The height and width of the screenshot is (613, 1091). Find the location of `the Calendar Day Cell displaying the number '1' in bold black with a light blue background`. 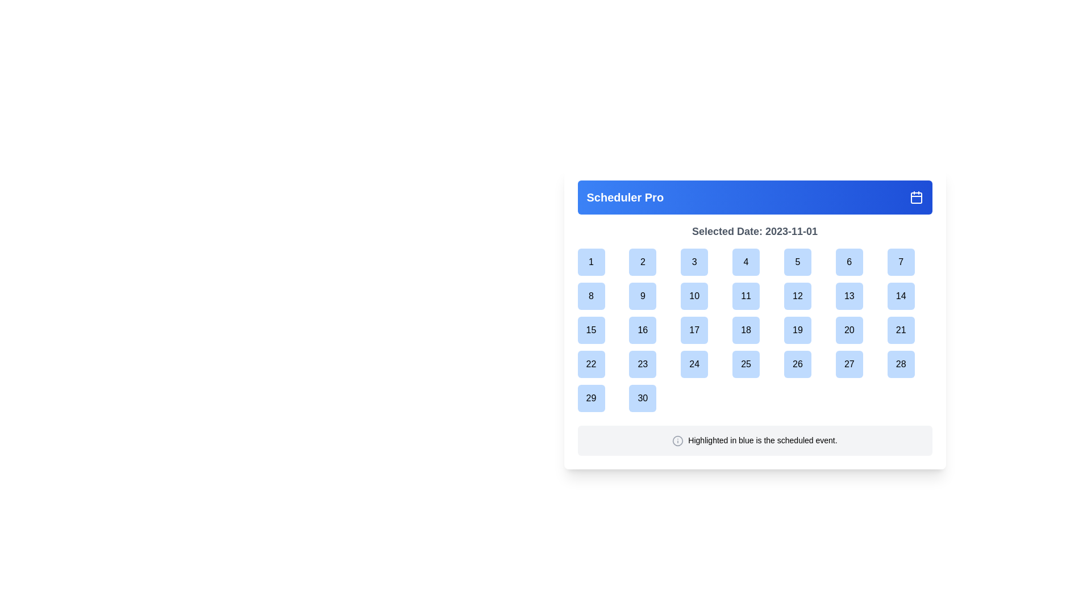

the Calendar Day Cell displaying the number '1' in bold black with a light blue background is located at coordinates (599, 262).